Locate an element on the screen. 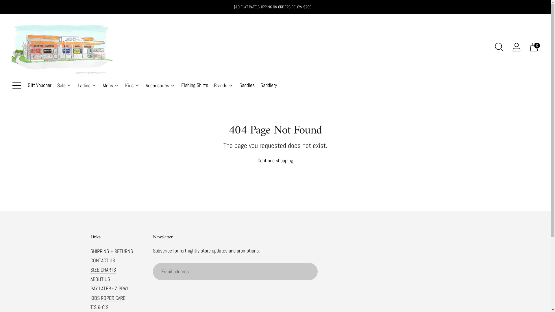  '$10 FLAT RATE SHIPPING ON ORDERS BELOW $299' is located at coordinates (233, 7).